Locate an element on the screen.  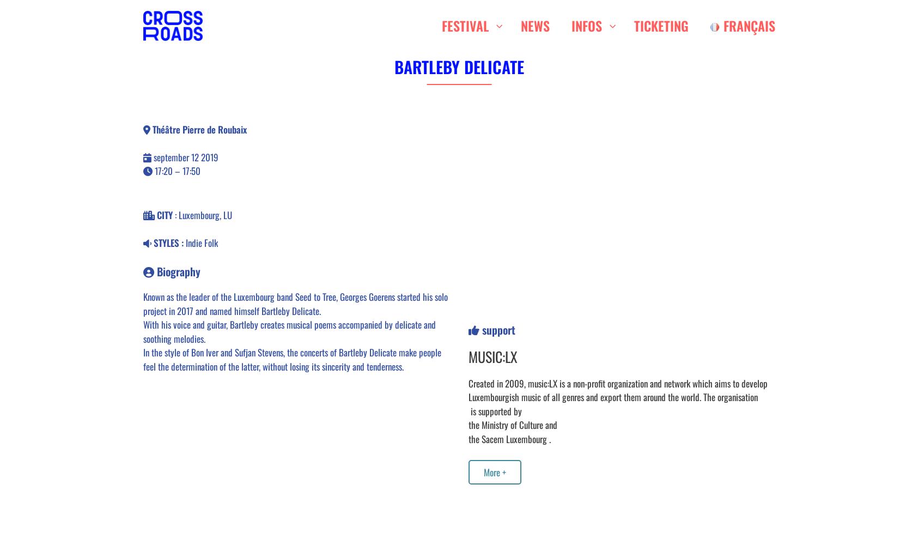
'Created  in 2009, music:LX is a non-profit organization and network which aims  to develop Luxembourgish music of all genres and export them around the  world. The organisation' is located at coordinates (617, 389).